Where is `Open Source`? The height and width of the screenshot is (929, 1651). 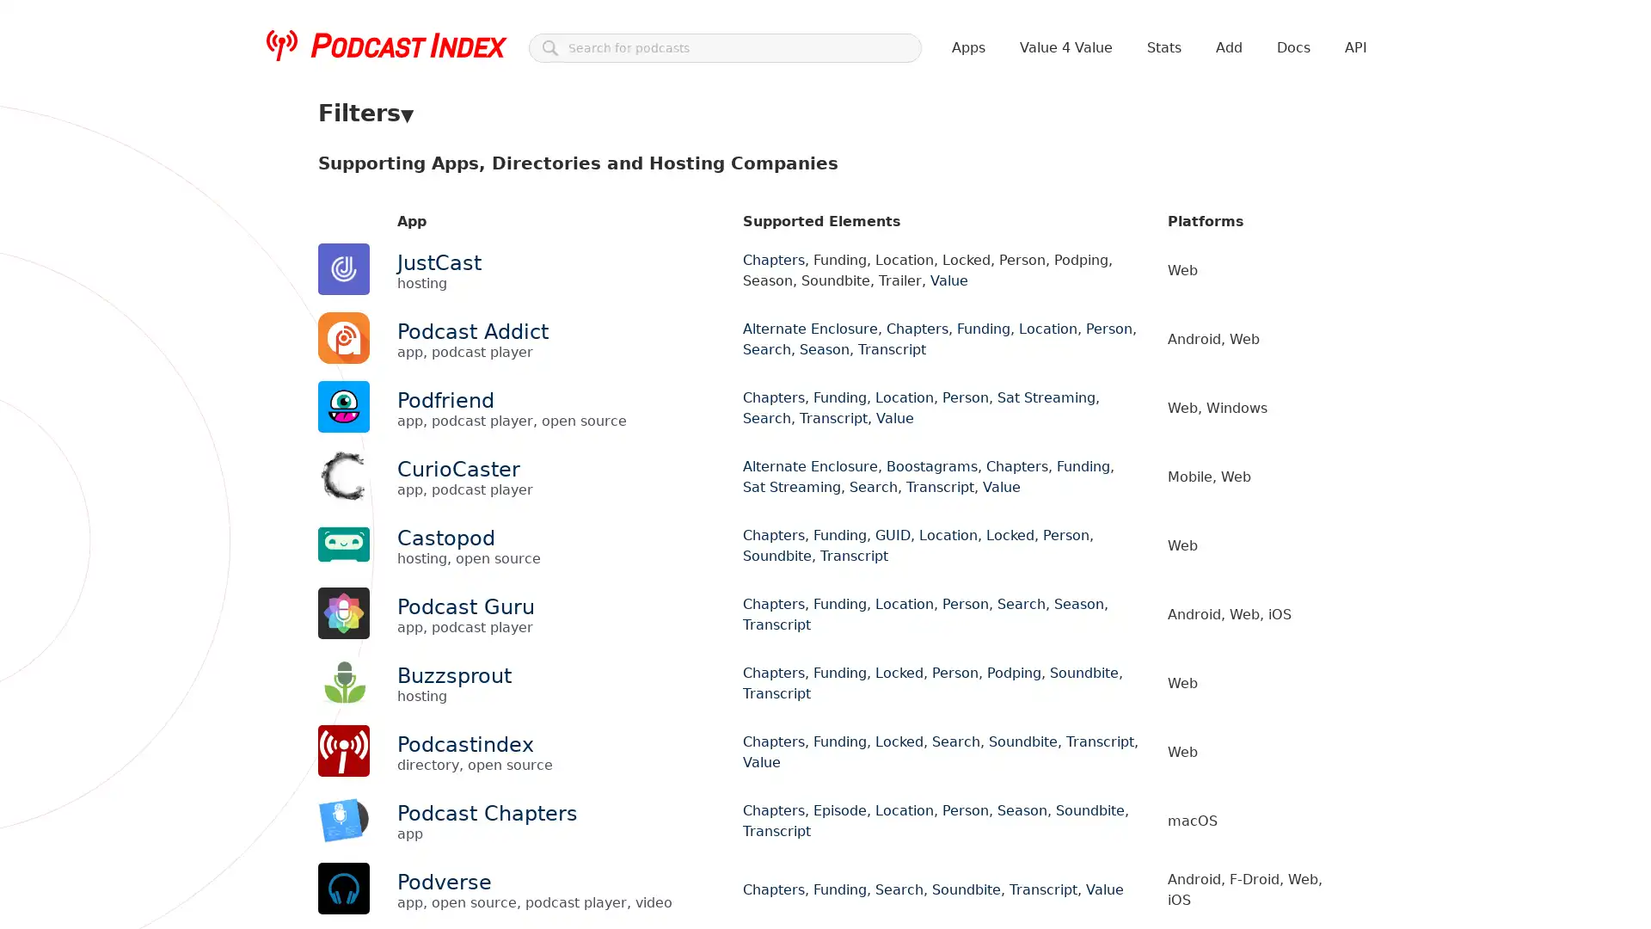 Open Source is located at coordinates (891, 166).